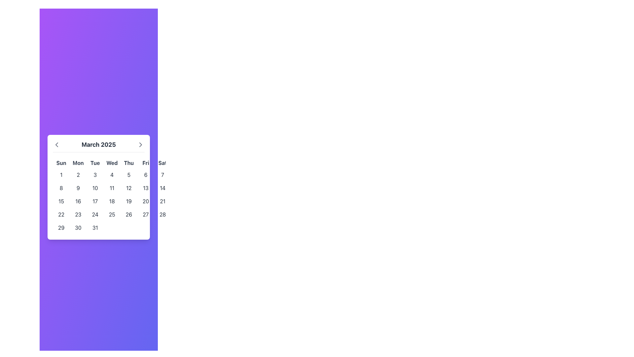 This screenshot has height=357, width=634. Describe the element at coordinates (95, 188) in the screenshot. I see `the button representing the date '10' in the calendar` at that location.